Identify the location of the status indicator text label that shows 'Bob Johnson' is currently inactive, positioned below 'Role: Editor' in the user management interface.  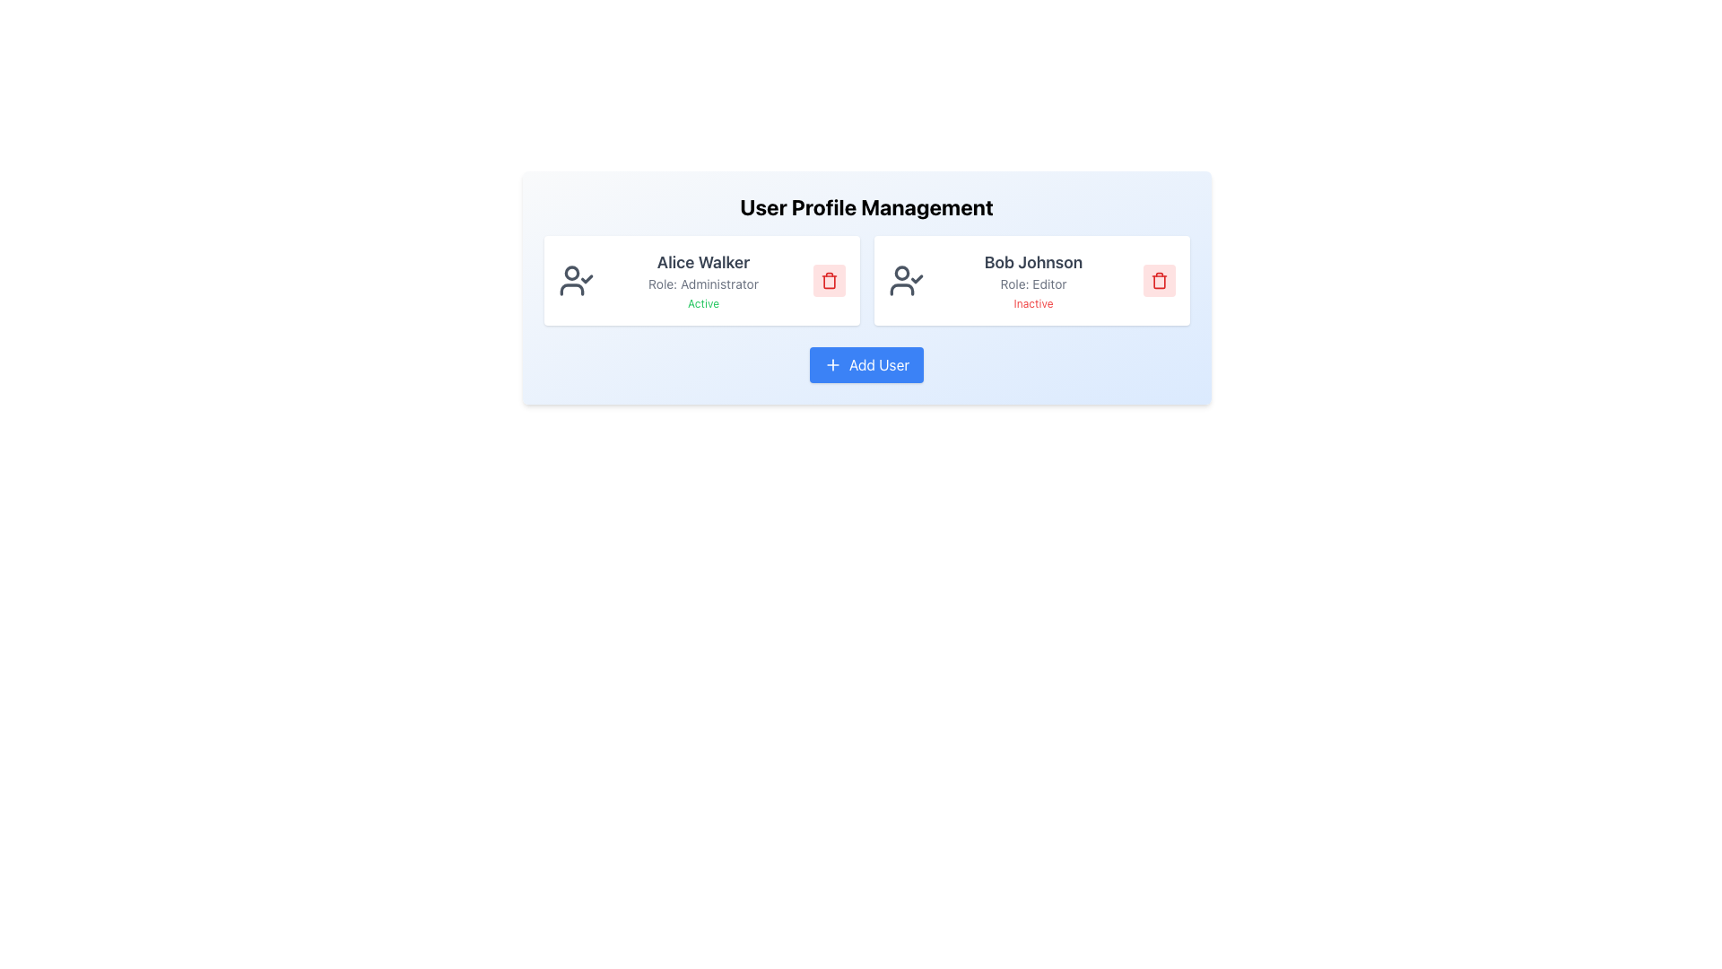
(1033, 303).